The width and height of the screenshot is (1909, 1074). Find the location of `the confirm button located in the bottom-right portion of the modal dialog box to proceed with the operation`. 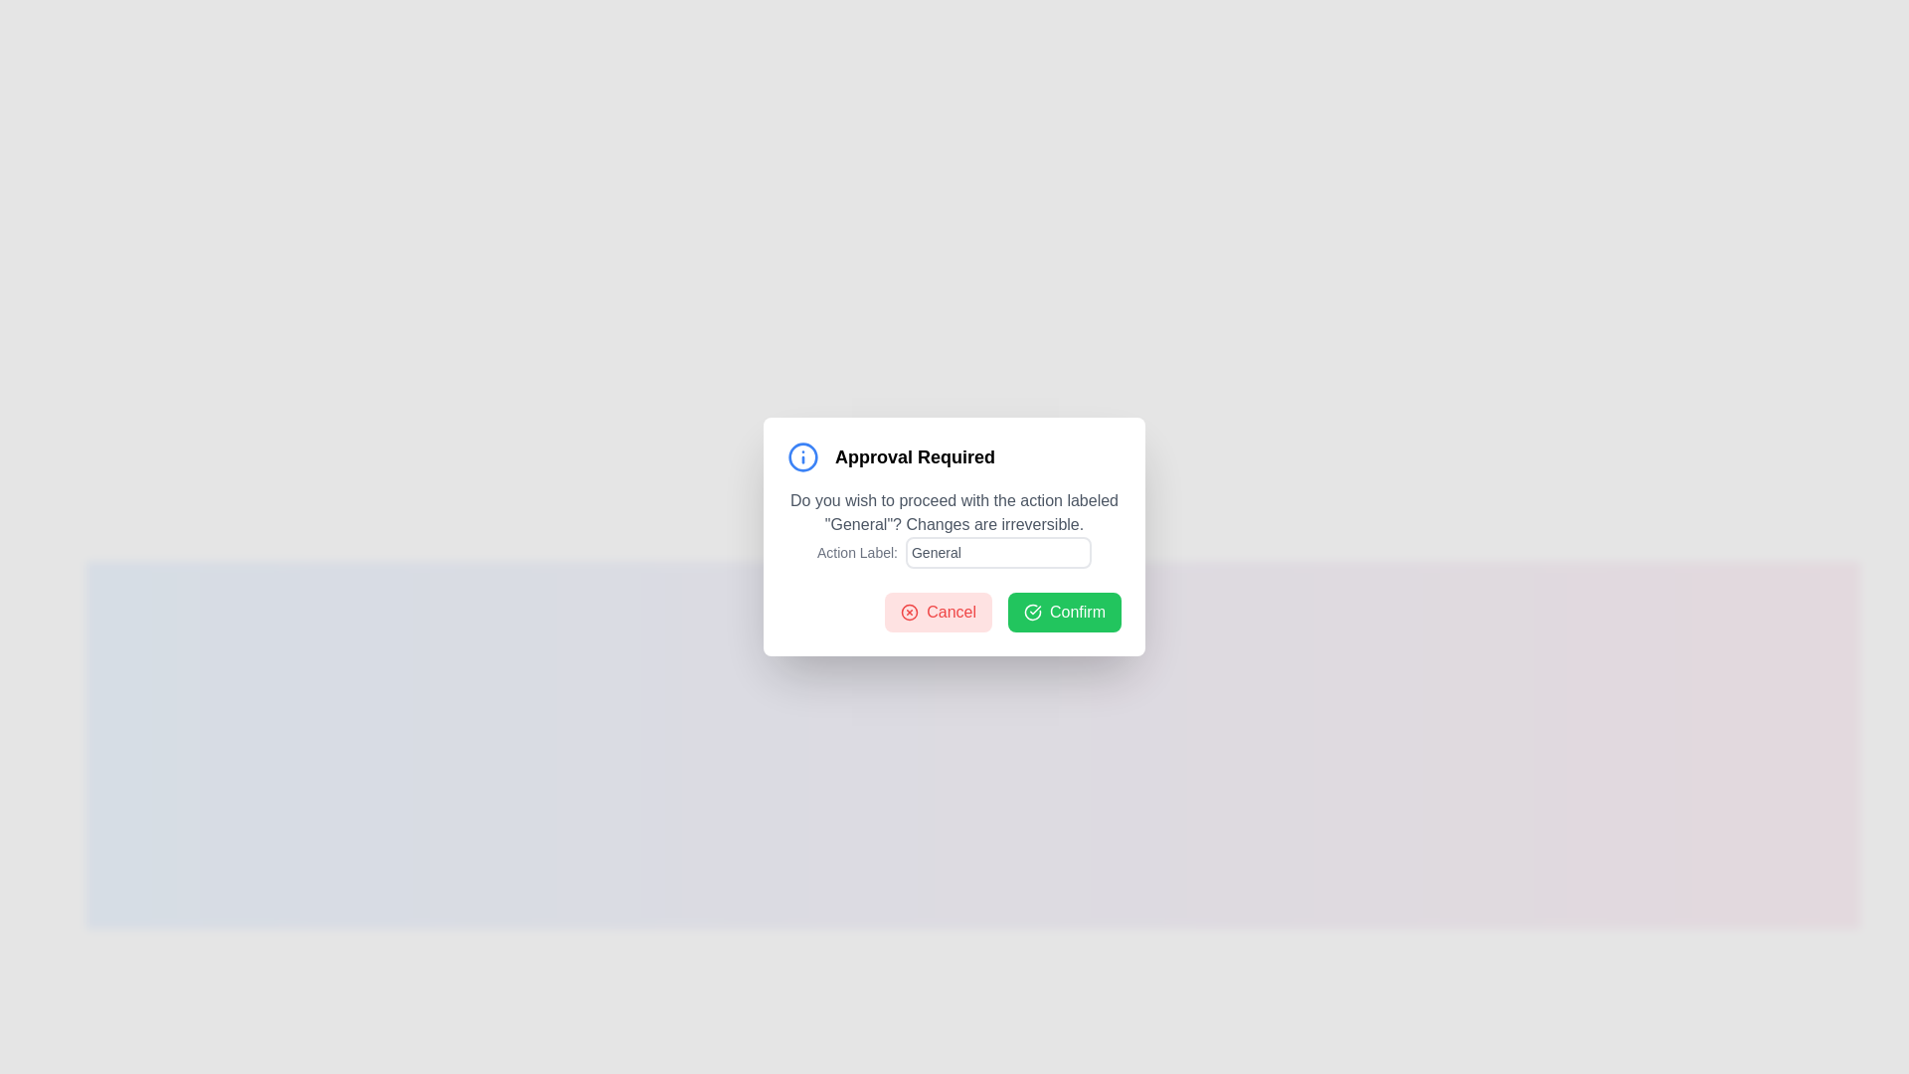

the confirm button located in the bottom-right portion of the modal dialog box to proceed with the operation is located at coordinates (1063, 612).